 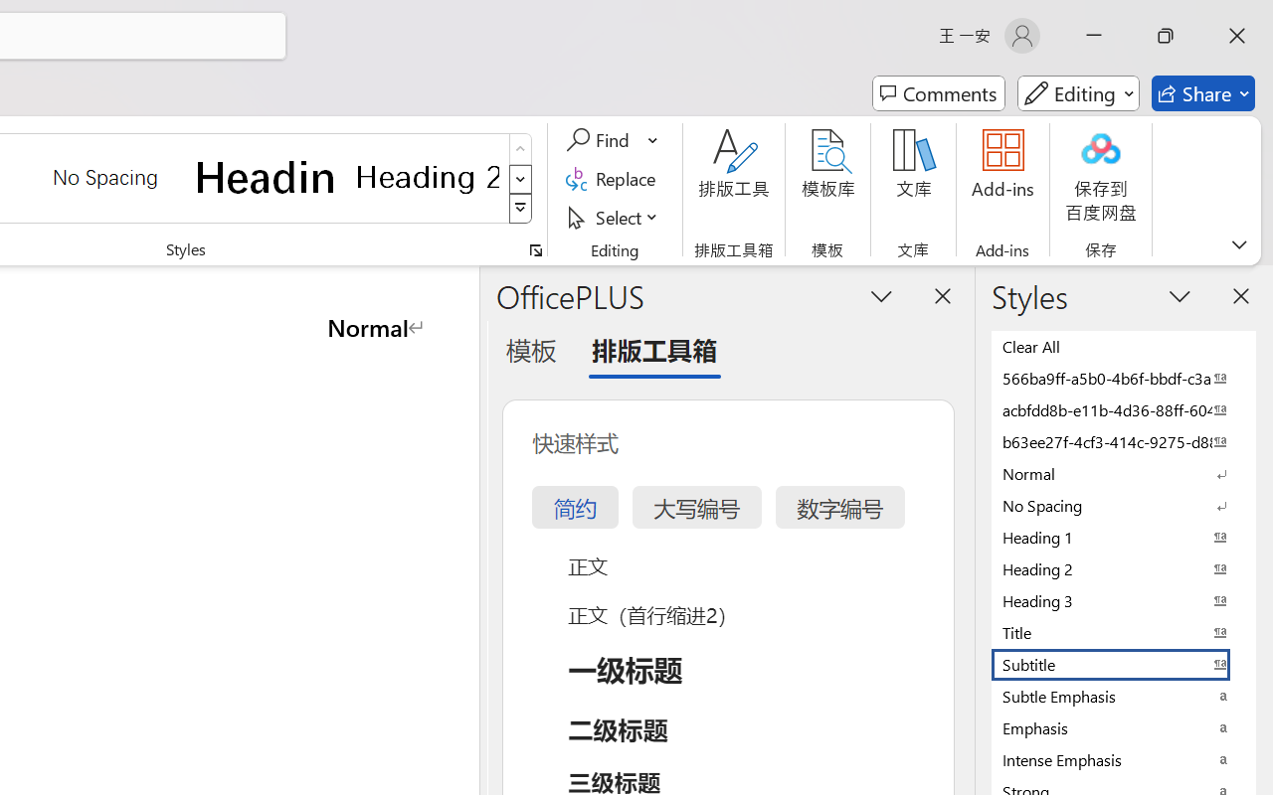 What do you see at coordinates (881, 295) in the screenshot?
I see `'Task Pane Options'` at bounding box center [881, 295].